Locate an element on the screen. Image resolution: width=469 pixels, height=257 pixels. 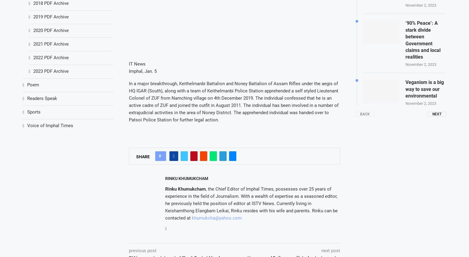
'‘90% Peace’: A stark divide between Government claims and local realities' is located at coordinates (405, 40).